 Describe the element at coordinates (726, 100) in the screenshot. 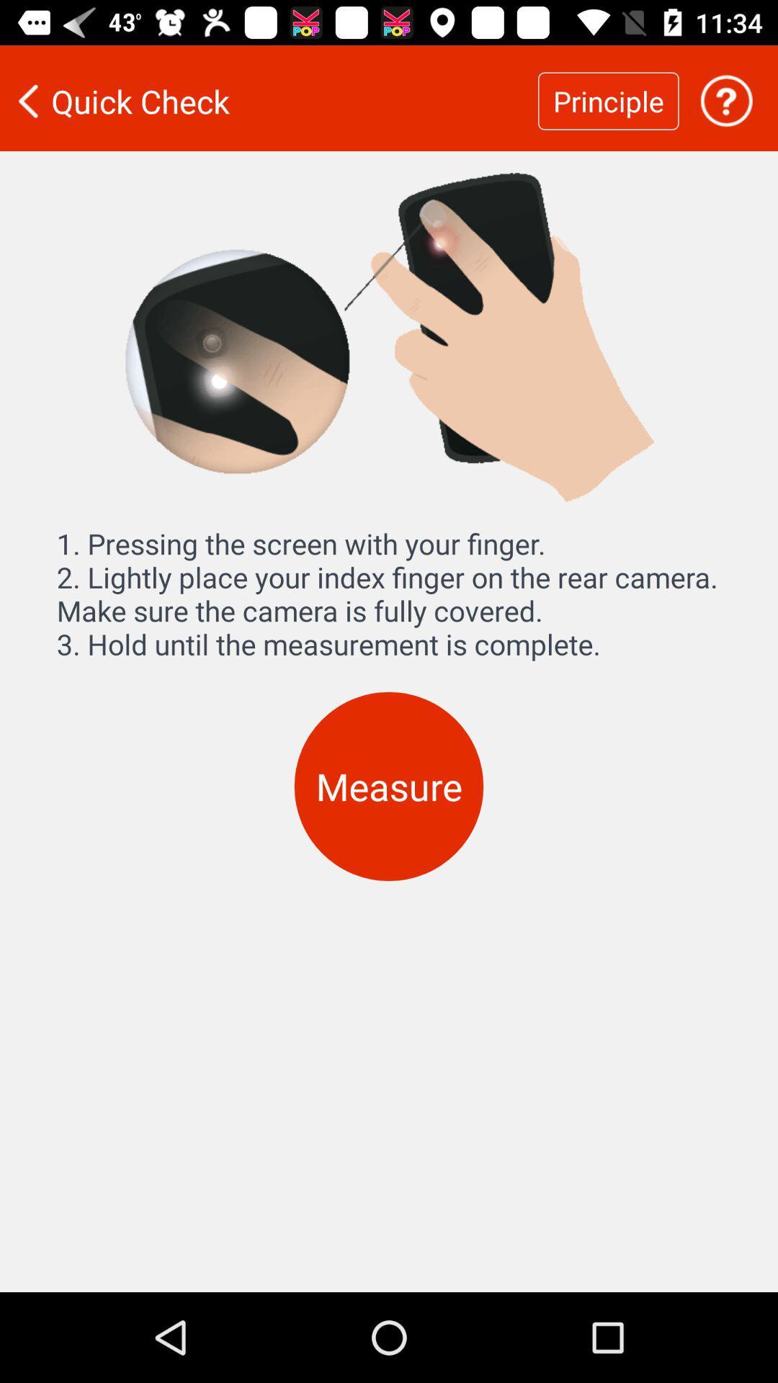

I see `item next to the principle icon` at that location.